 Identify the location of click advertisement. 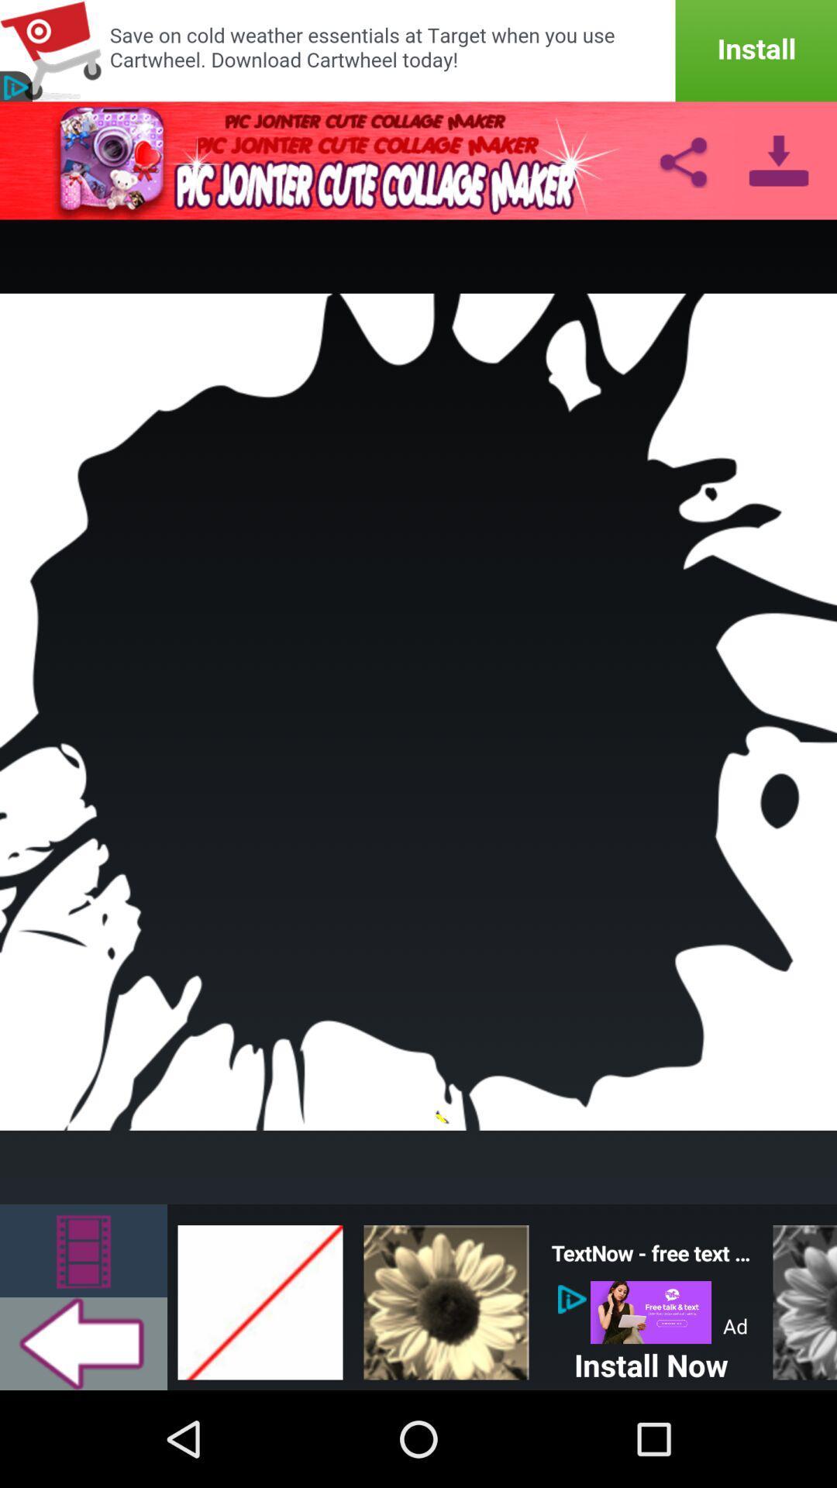
(651, 1311).